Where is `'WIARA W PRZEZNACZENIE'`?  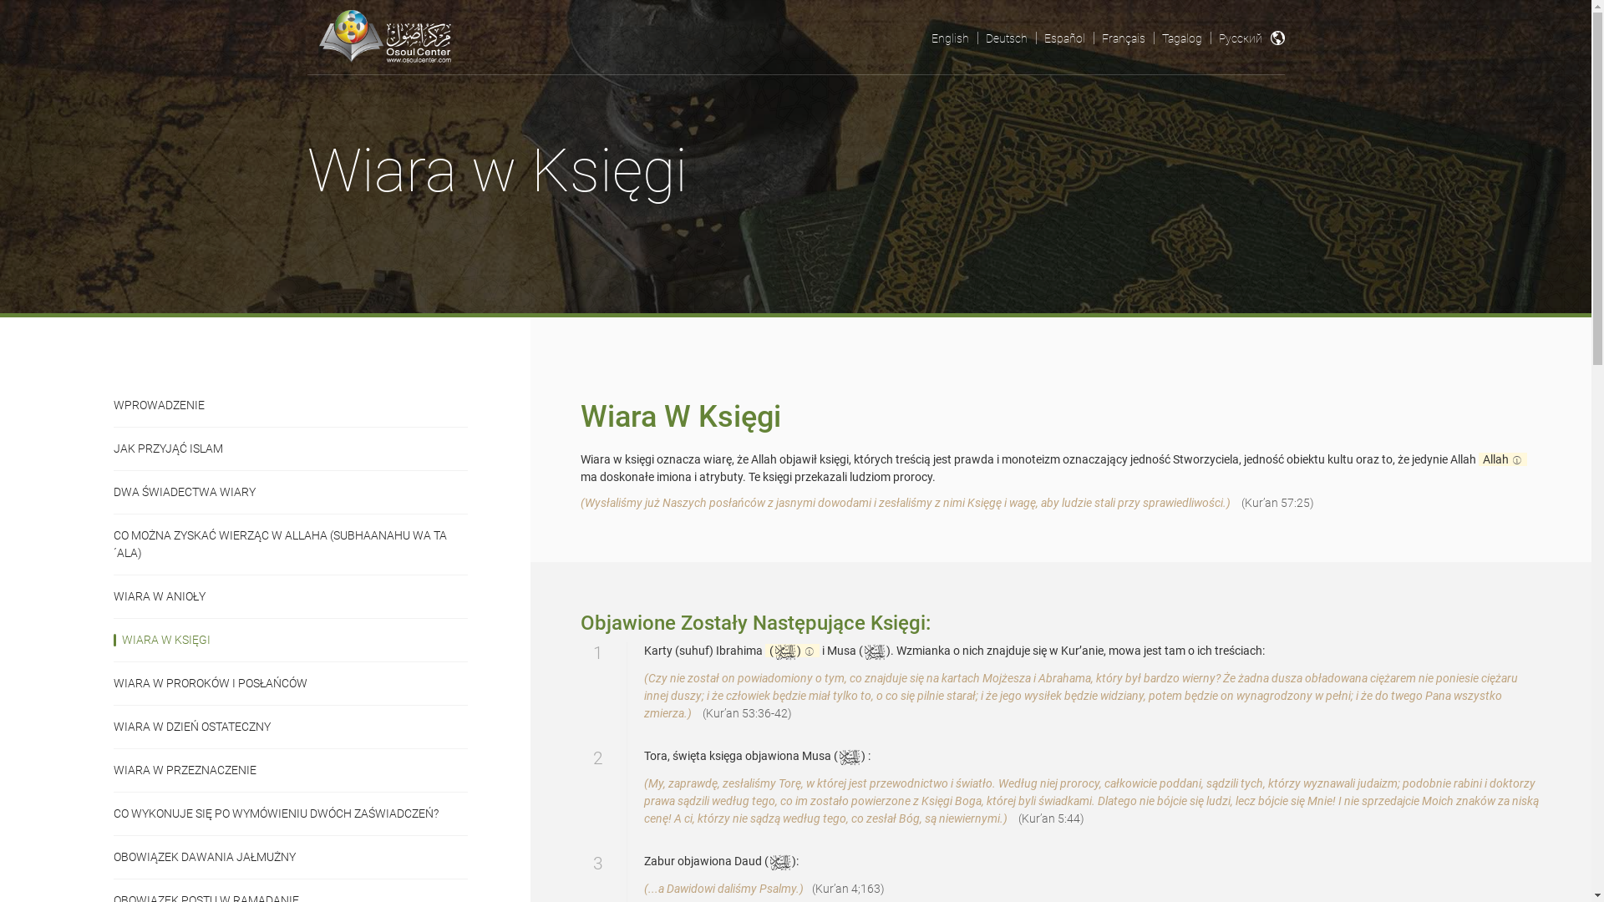 'WIARA W PRZEZNACZENIE' is located at coordinates (291, 769).